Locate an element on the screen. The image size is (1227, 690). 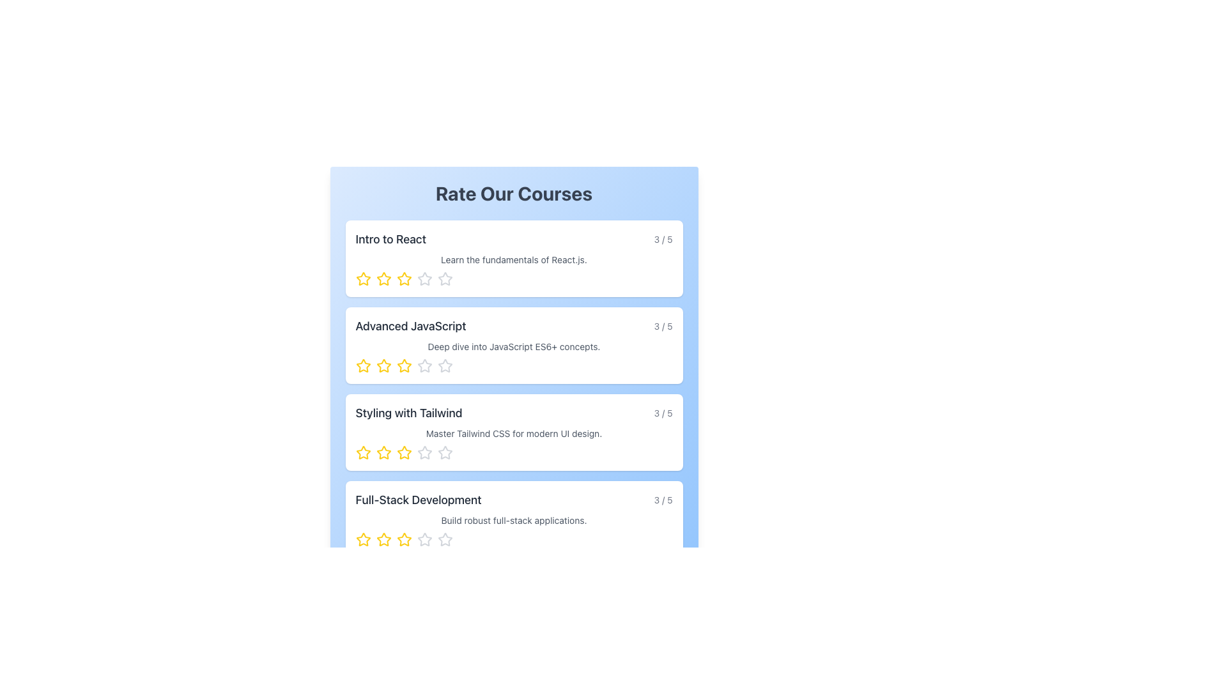
the Card Component titled 'Full-Stack Development', which is the last card in a vertical stack, featuring a white background, rounded corners, and a rating of '3 / 5' is located at coordinates (514, 519).